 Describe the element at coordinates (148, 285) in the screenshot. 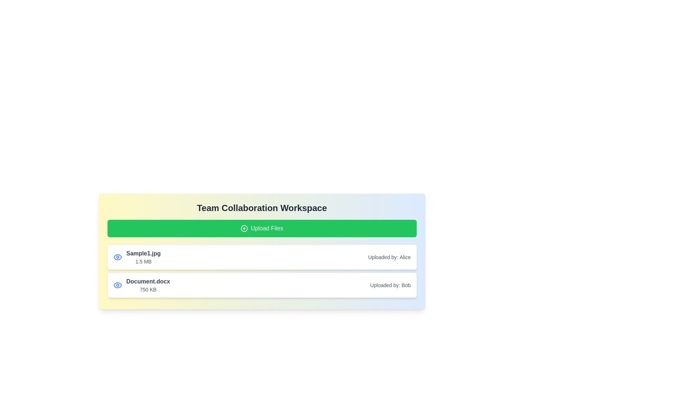

I see `the textual informational display representing the second file entry in the 'Team Collaboration Workspace'` at that location.